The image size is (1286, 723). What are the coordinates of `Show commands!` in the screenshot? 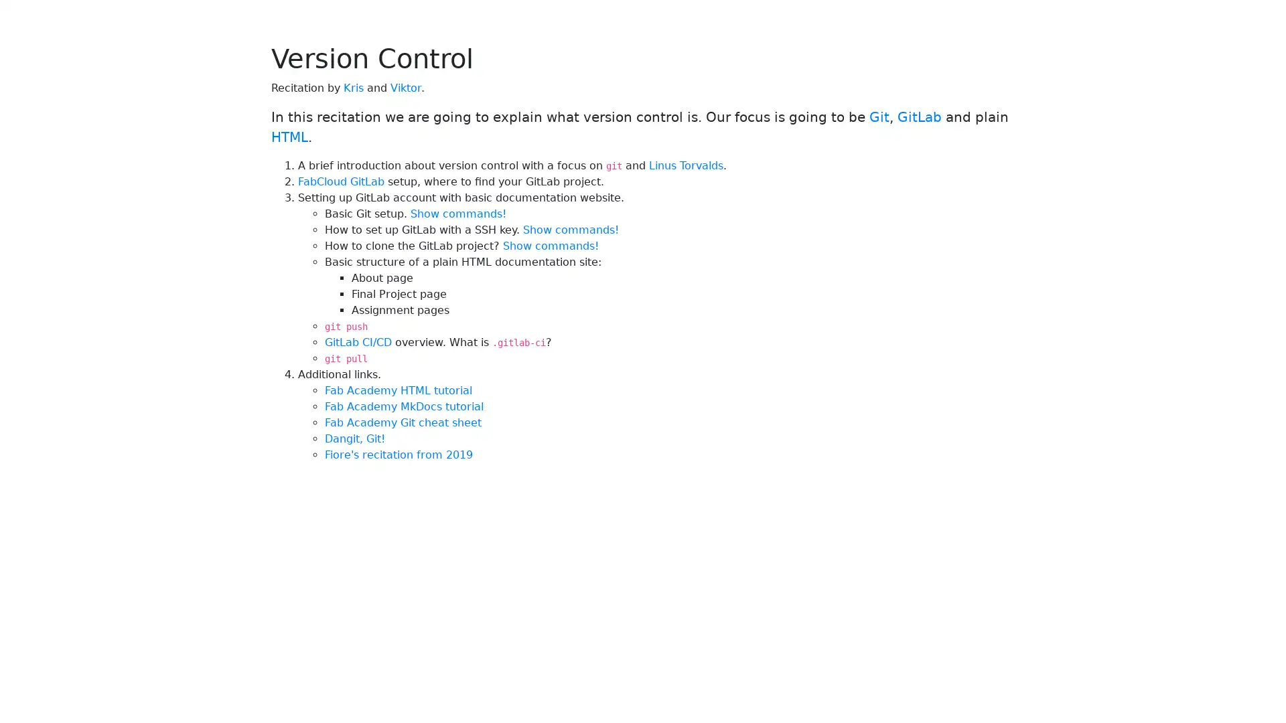 It's located at (458, 213).